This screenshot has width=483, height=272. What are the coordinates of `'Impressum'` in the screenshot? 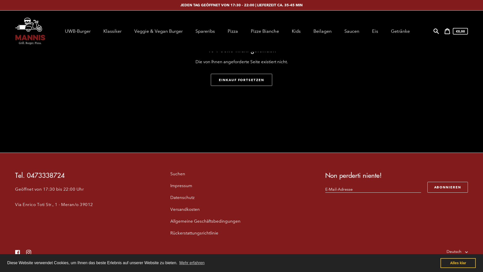 It's located at (181, 186).